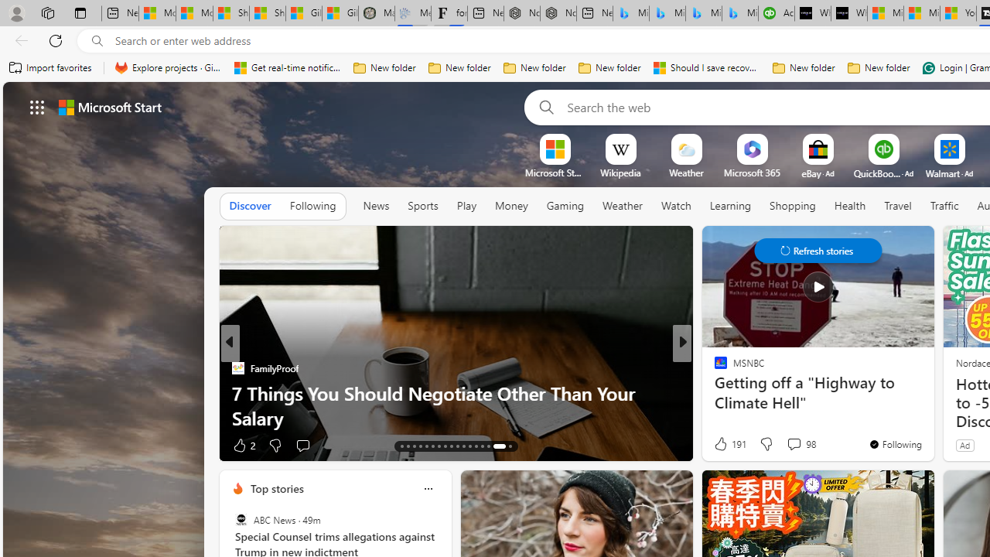 The image size is (990, 557). What do you see at coordinates (895, 443) in the screenshot?
I see `'You'` at bounding box center [895, 443].